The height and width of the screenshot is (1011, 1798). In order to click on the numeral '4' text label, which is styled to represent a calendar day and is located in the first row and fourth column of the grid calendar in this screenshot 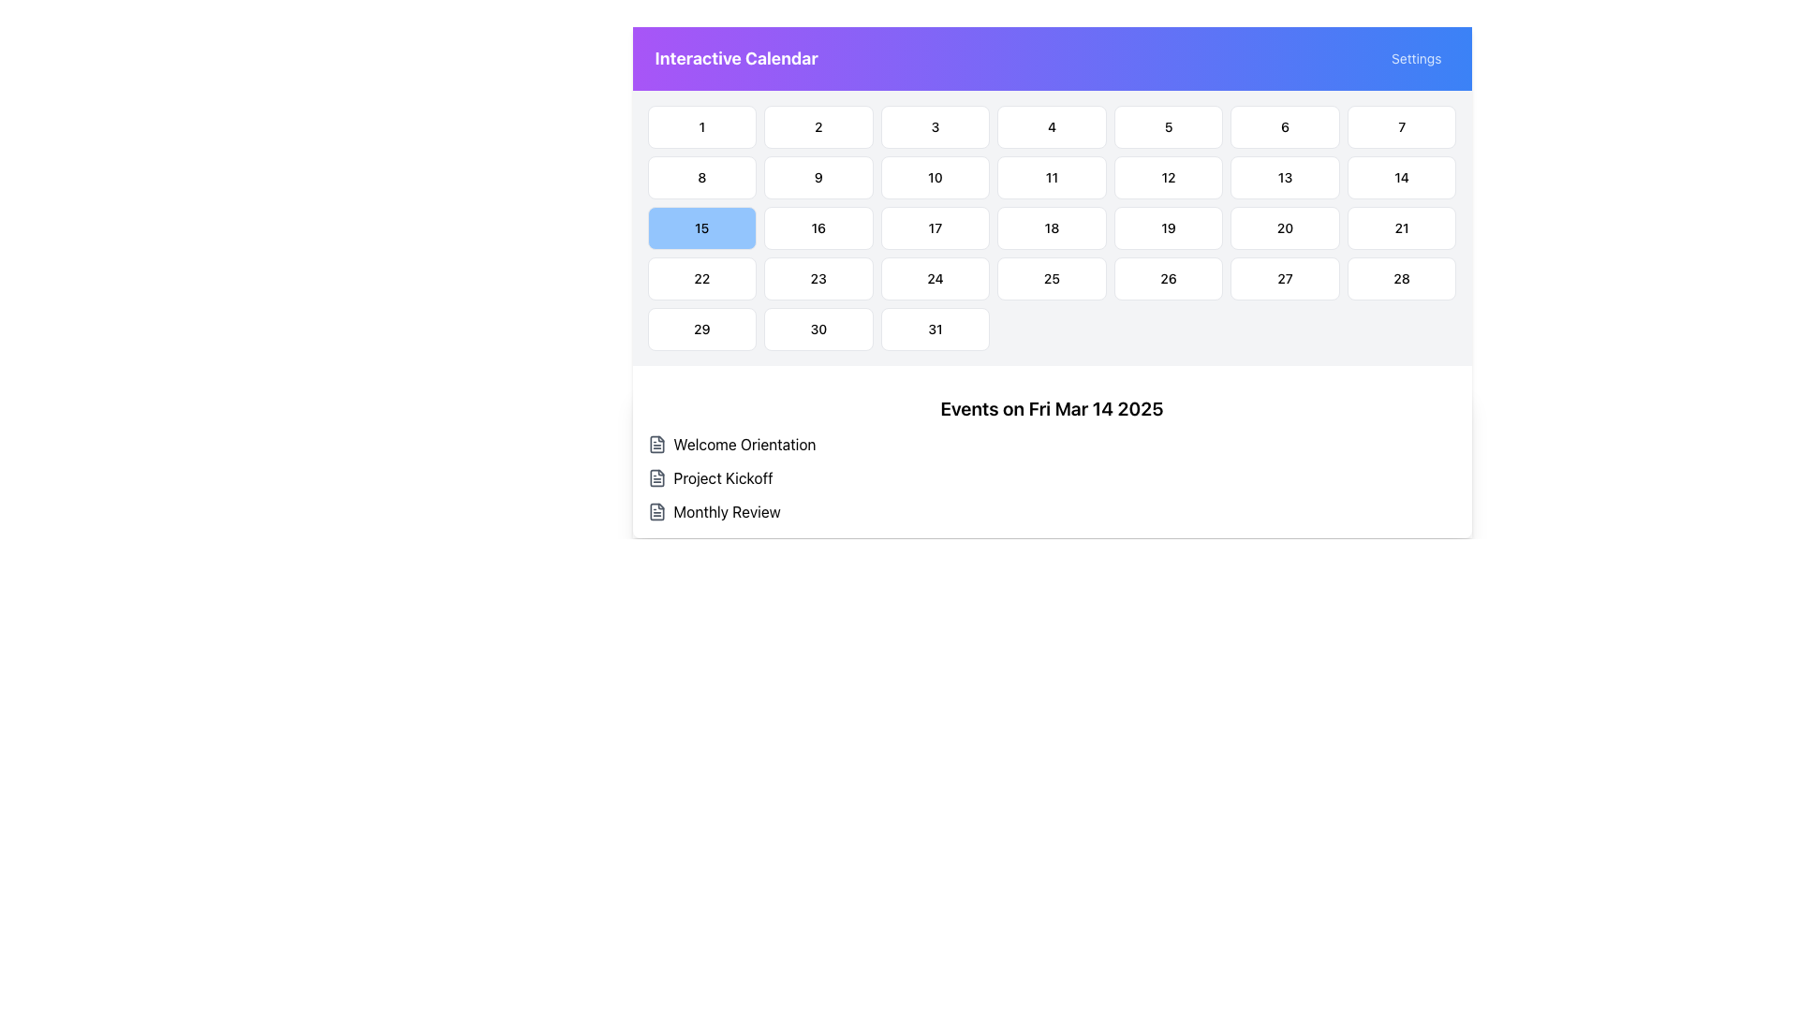, I will do `click(1052, 126)`.